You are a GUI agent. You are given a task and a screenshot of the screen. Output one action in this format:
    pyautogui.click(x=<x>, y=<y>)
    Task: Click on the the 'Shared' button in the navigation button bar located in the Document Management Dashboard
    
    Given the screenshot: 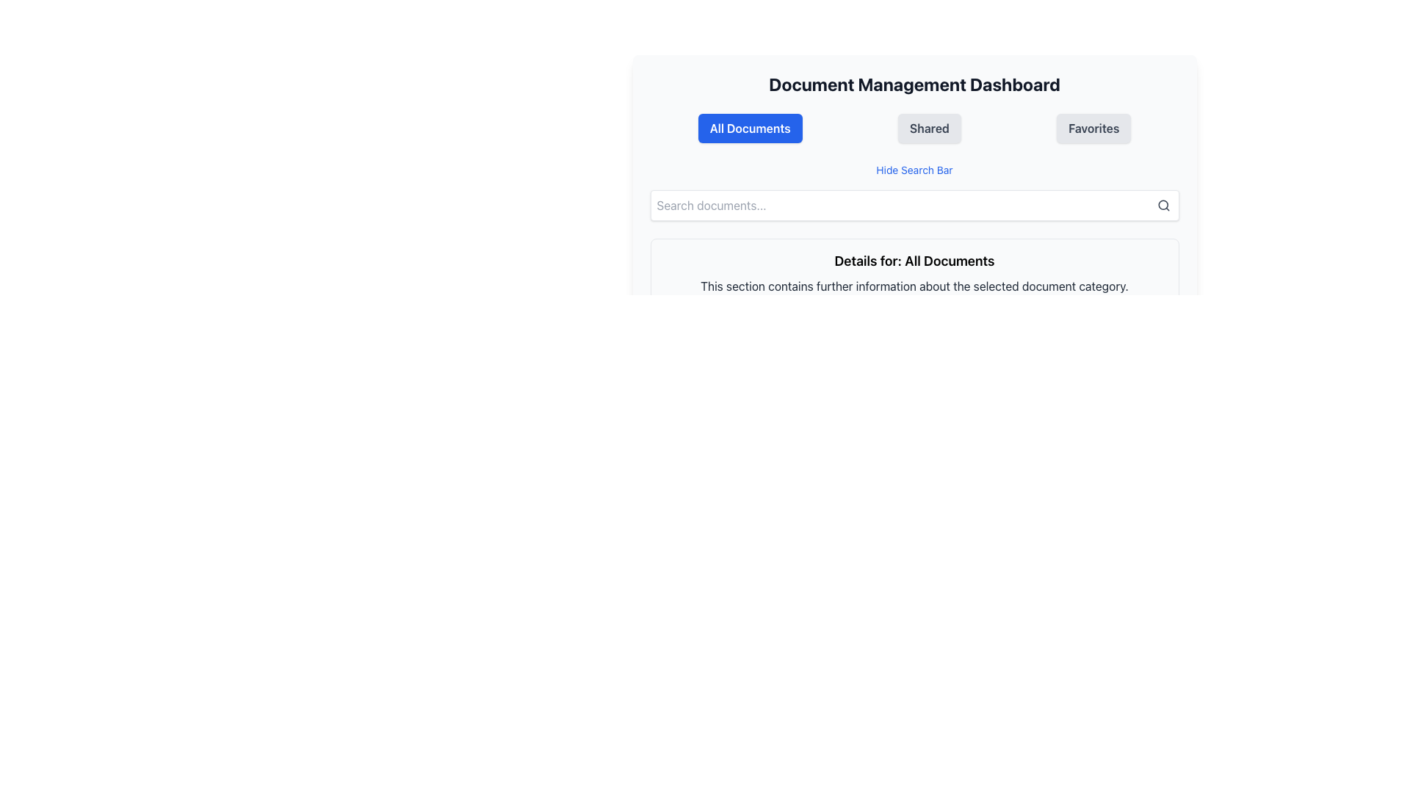 What is the action you would take?
    pyautogui.click(x=913, y=127)
    